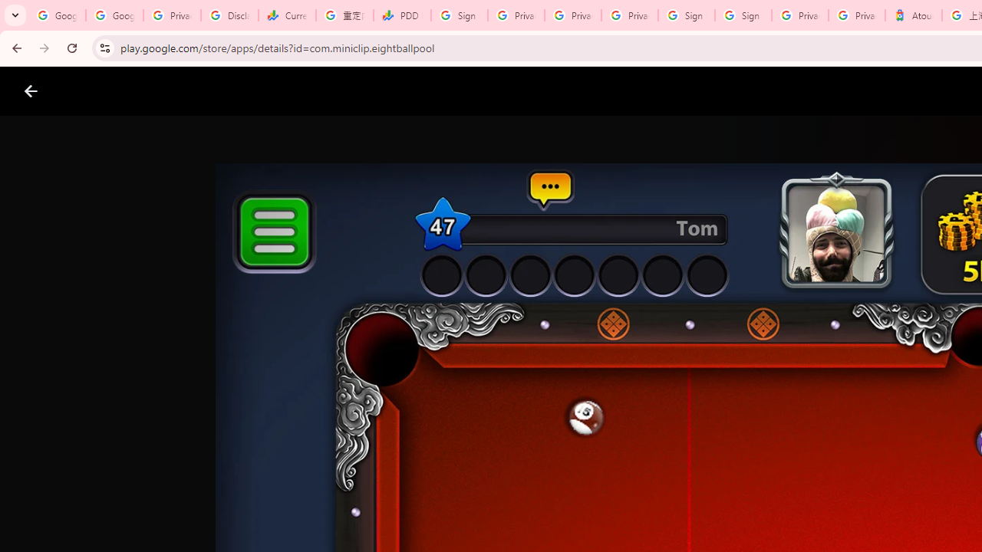  Describe the element at coordinates (914, 15) in the screenshot. I see `'Atour Hotel - Google hotels'` at that location.